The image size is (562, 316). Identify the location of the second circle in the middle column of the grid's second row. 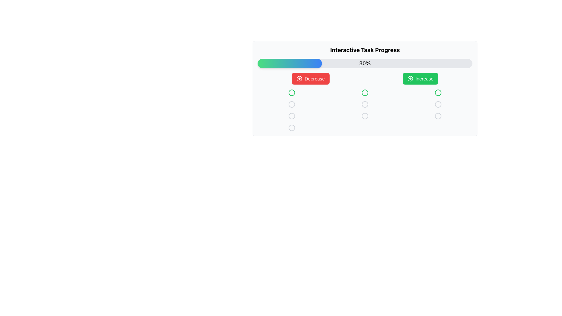
(365, 104).